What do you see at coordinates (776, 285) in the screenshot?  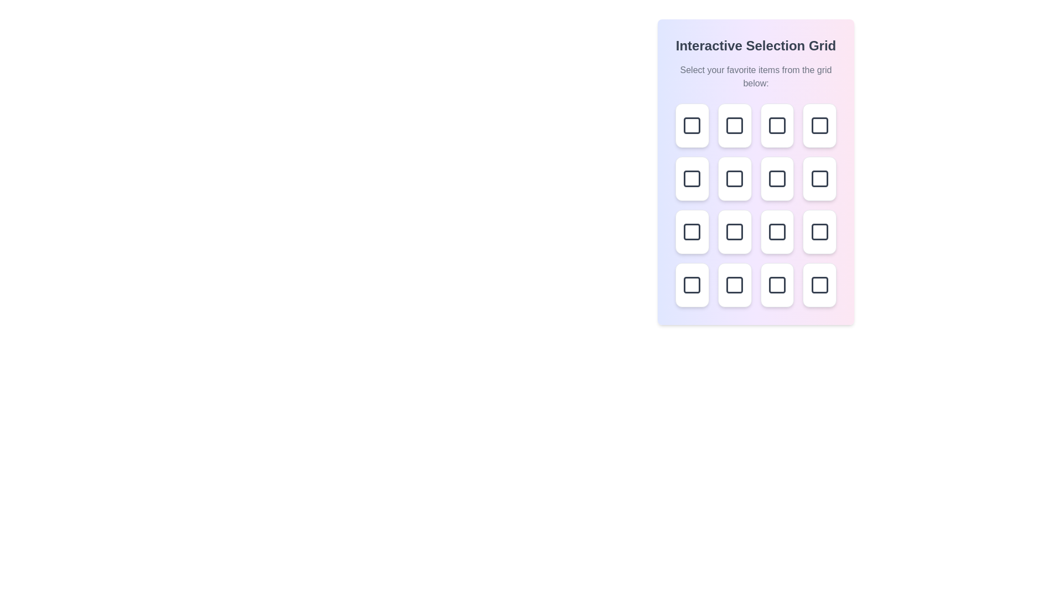 I see `the inner square shape located in the fifth item of the fourth row of the 'Interactive Selection Grid' by clicking on it` at bounding box center [776, 285].